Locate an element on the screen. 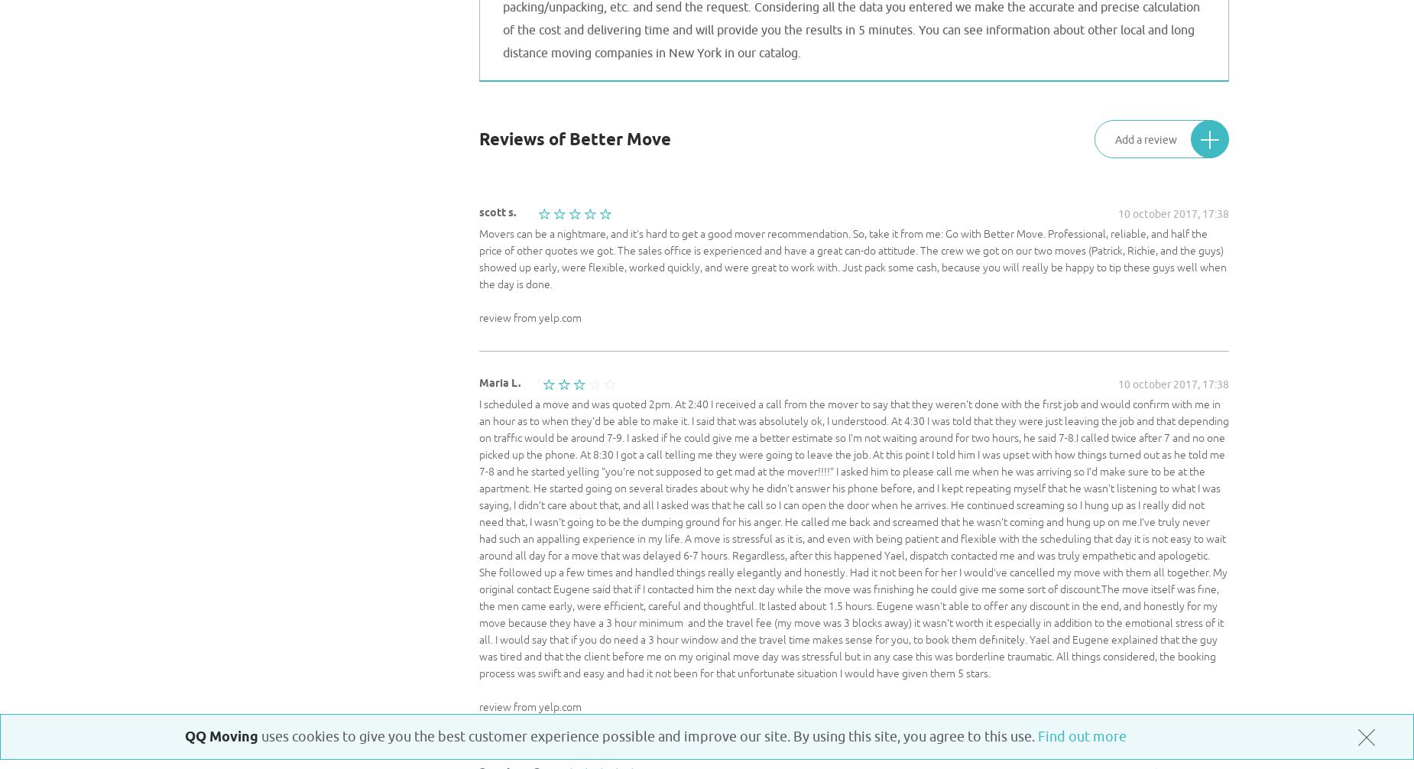 The image size is (1414, 769). 'Movers can be a nightmare, and it's hard to get a good mover recommendation. So, take it from me: Go with Better Move. Professional, reliable, and half the price of other quotes we got. The sales office is experienced and have a great can-do attitude. The crew we got on our two moves (Patrick, Richie, and the guys) showed up early, were flexible, worked quickly, and were great to work with. Just pack some cash, because you will really be happy to tip these guys well when the day is done.' is located at coordinates (851, 258).